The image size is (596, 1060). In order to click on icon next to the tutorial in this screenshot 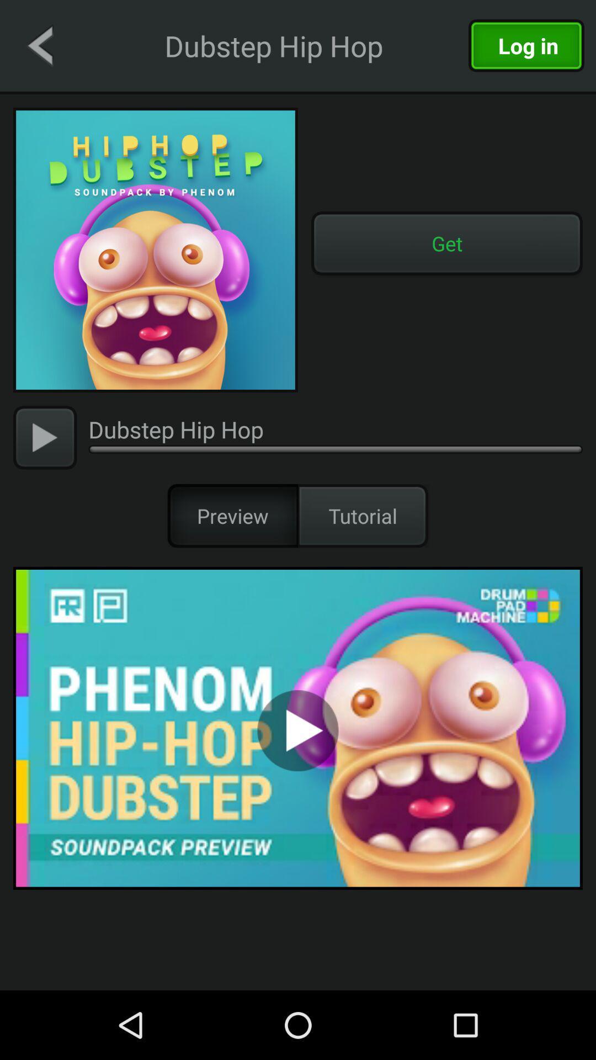, I will do `click(232, 515)`.